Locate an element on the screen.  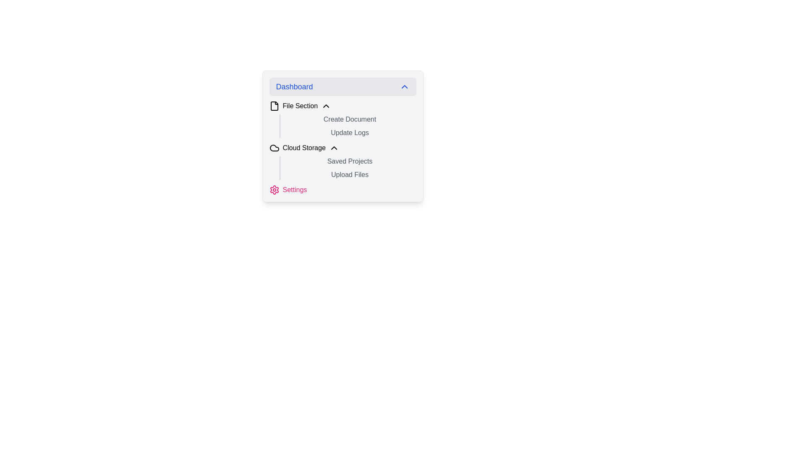
the cloud storage icon located to the left of the 'Cloud Storage' text label in the dashboard layout is located at coordinates (274, 148).